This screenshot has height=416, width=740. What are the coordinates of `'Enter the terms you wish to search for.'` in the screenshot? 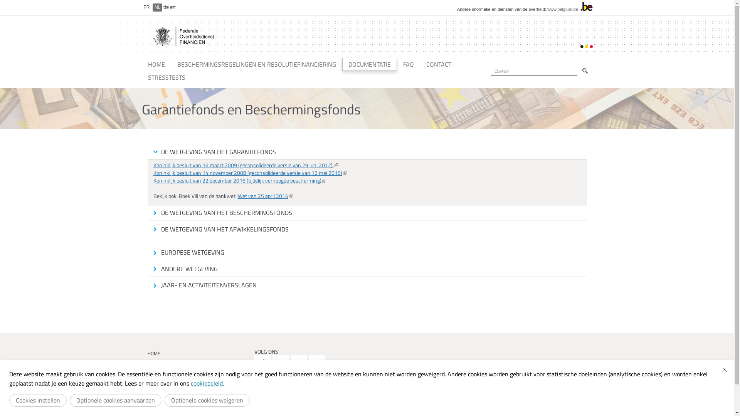 It's located at (533, 71).